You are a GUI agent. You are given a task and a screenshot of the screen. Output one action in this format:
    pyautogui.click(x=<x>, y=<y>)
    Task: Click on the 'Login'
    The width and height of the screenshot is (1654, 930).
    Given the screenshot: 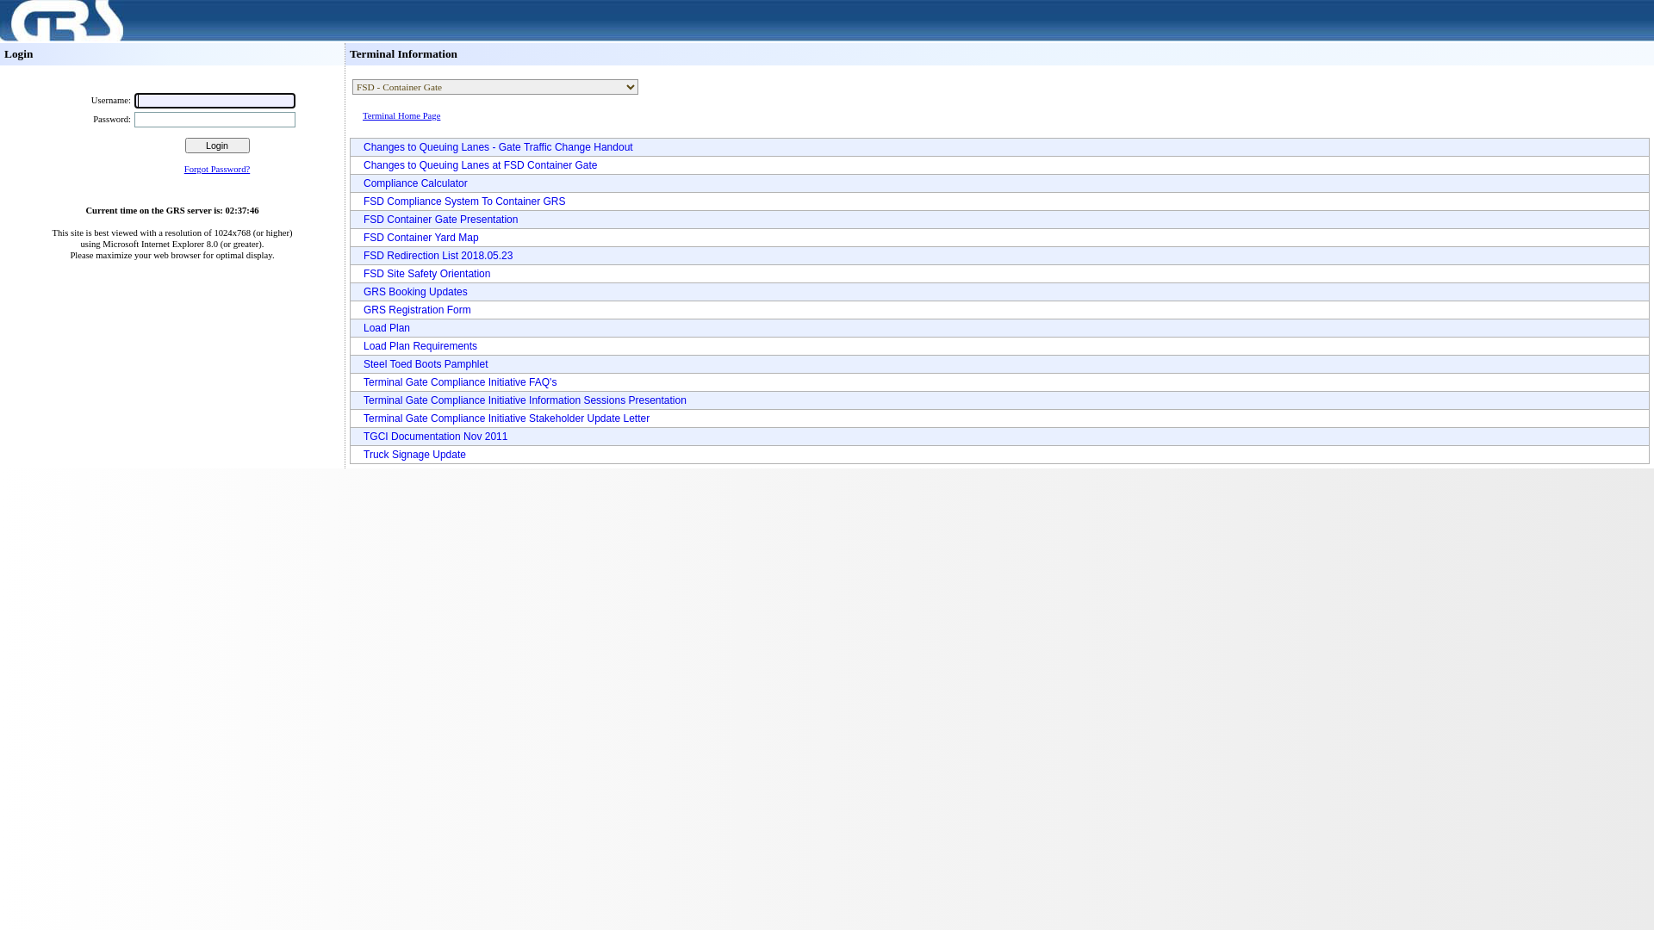 What is the action you would take?
    pyautogui.click(x=215, y=145)
    